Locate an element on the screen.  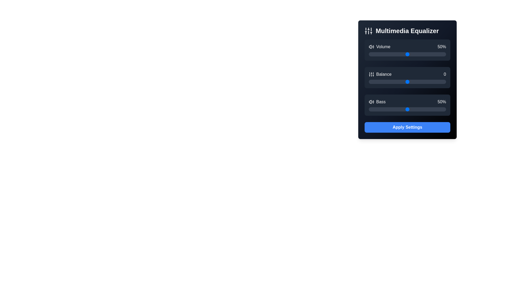
the bass level is located at coordinates (418, 109).